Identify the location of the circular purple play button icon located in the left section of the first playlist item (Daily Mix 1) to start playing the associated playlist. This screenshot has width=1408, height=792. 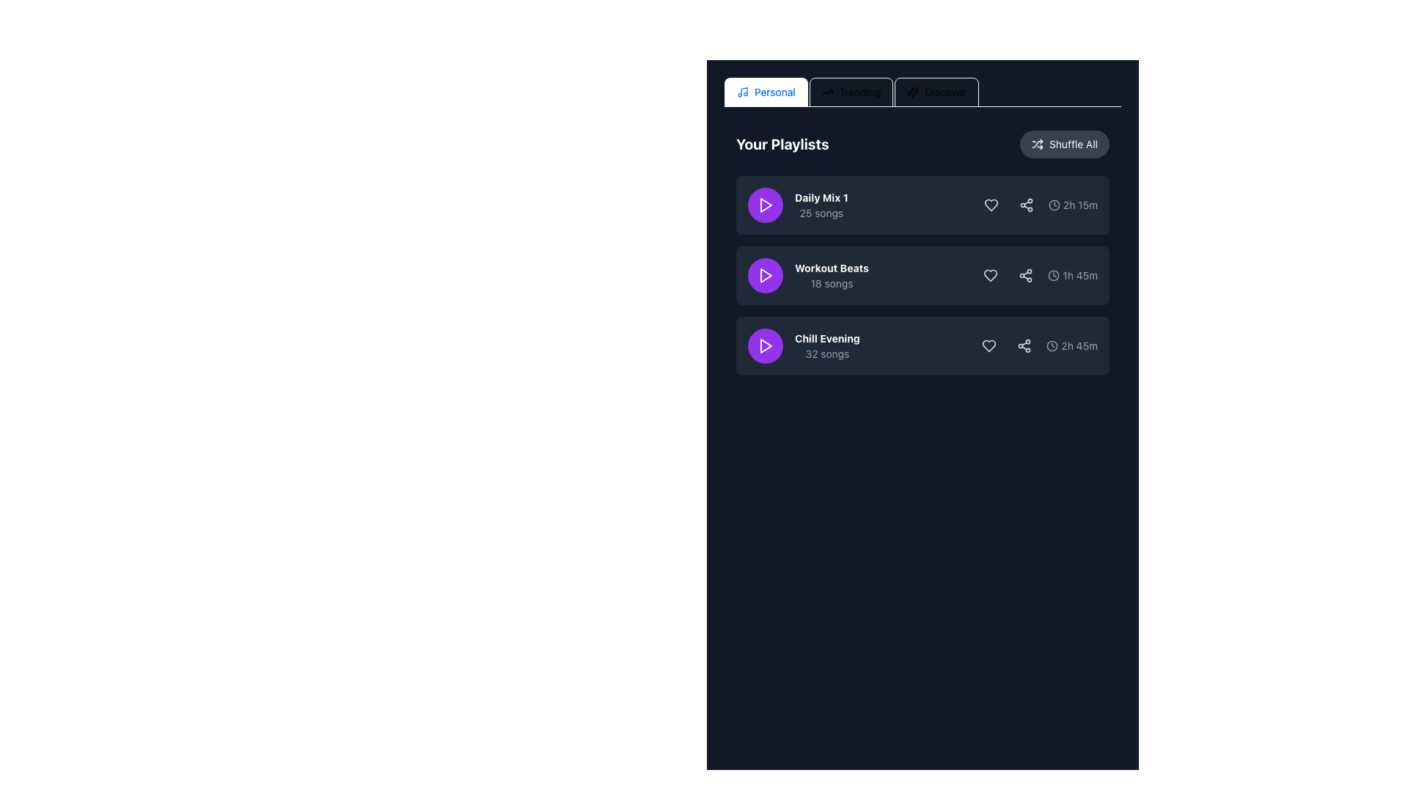
(766, 205).